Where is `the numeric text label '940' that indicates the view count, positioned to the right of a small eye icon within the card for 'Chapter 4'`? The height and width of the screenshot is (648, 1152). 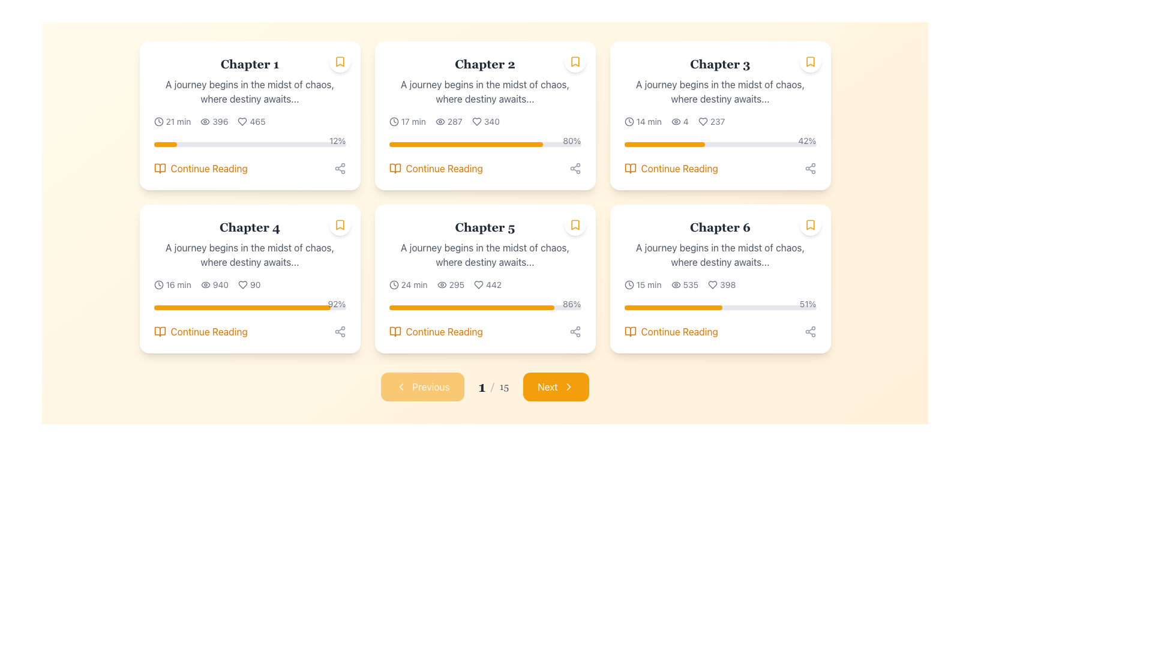 the numeric text label '940' that indicates the view count, positioned to the right of a small eye icon within the card for 'Chapter 4' is located at coordinates (220, 284).